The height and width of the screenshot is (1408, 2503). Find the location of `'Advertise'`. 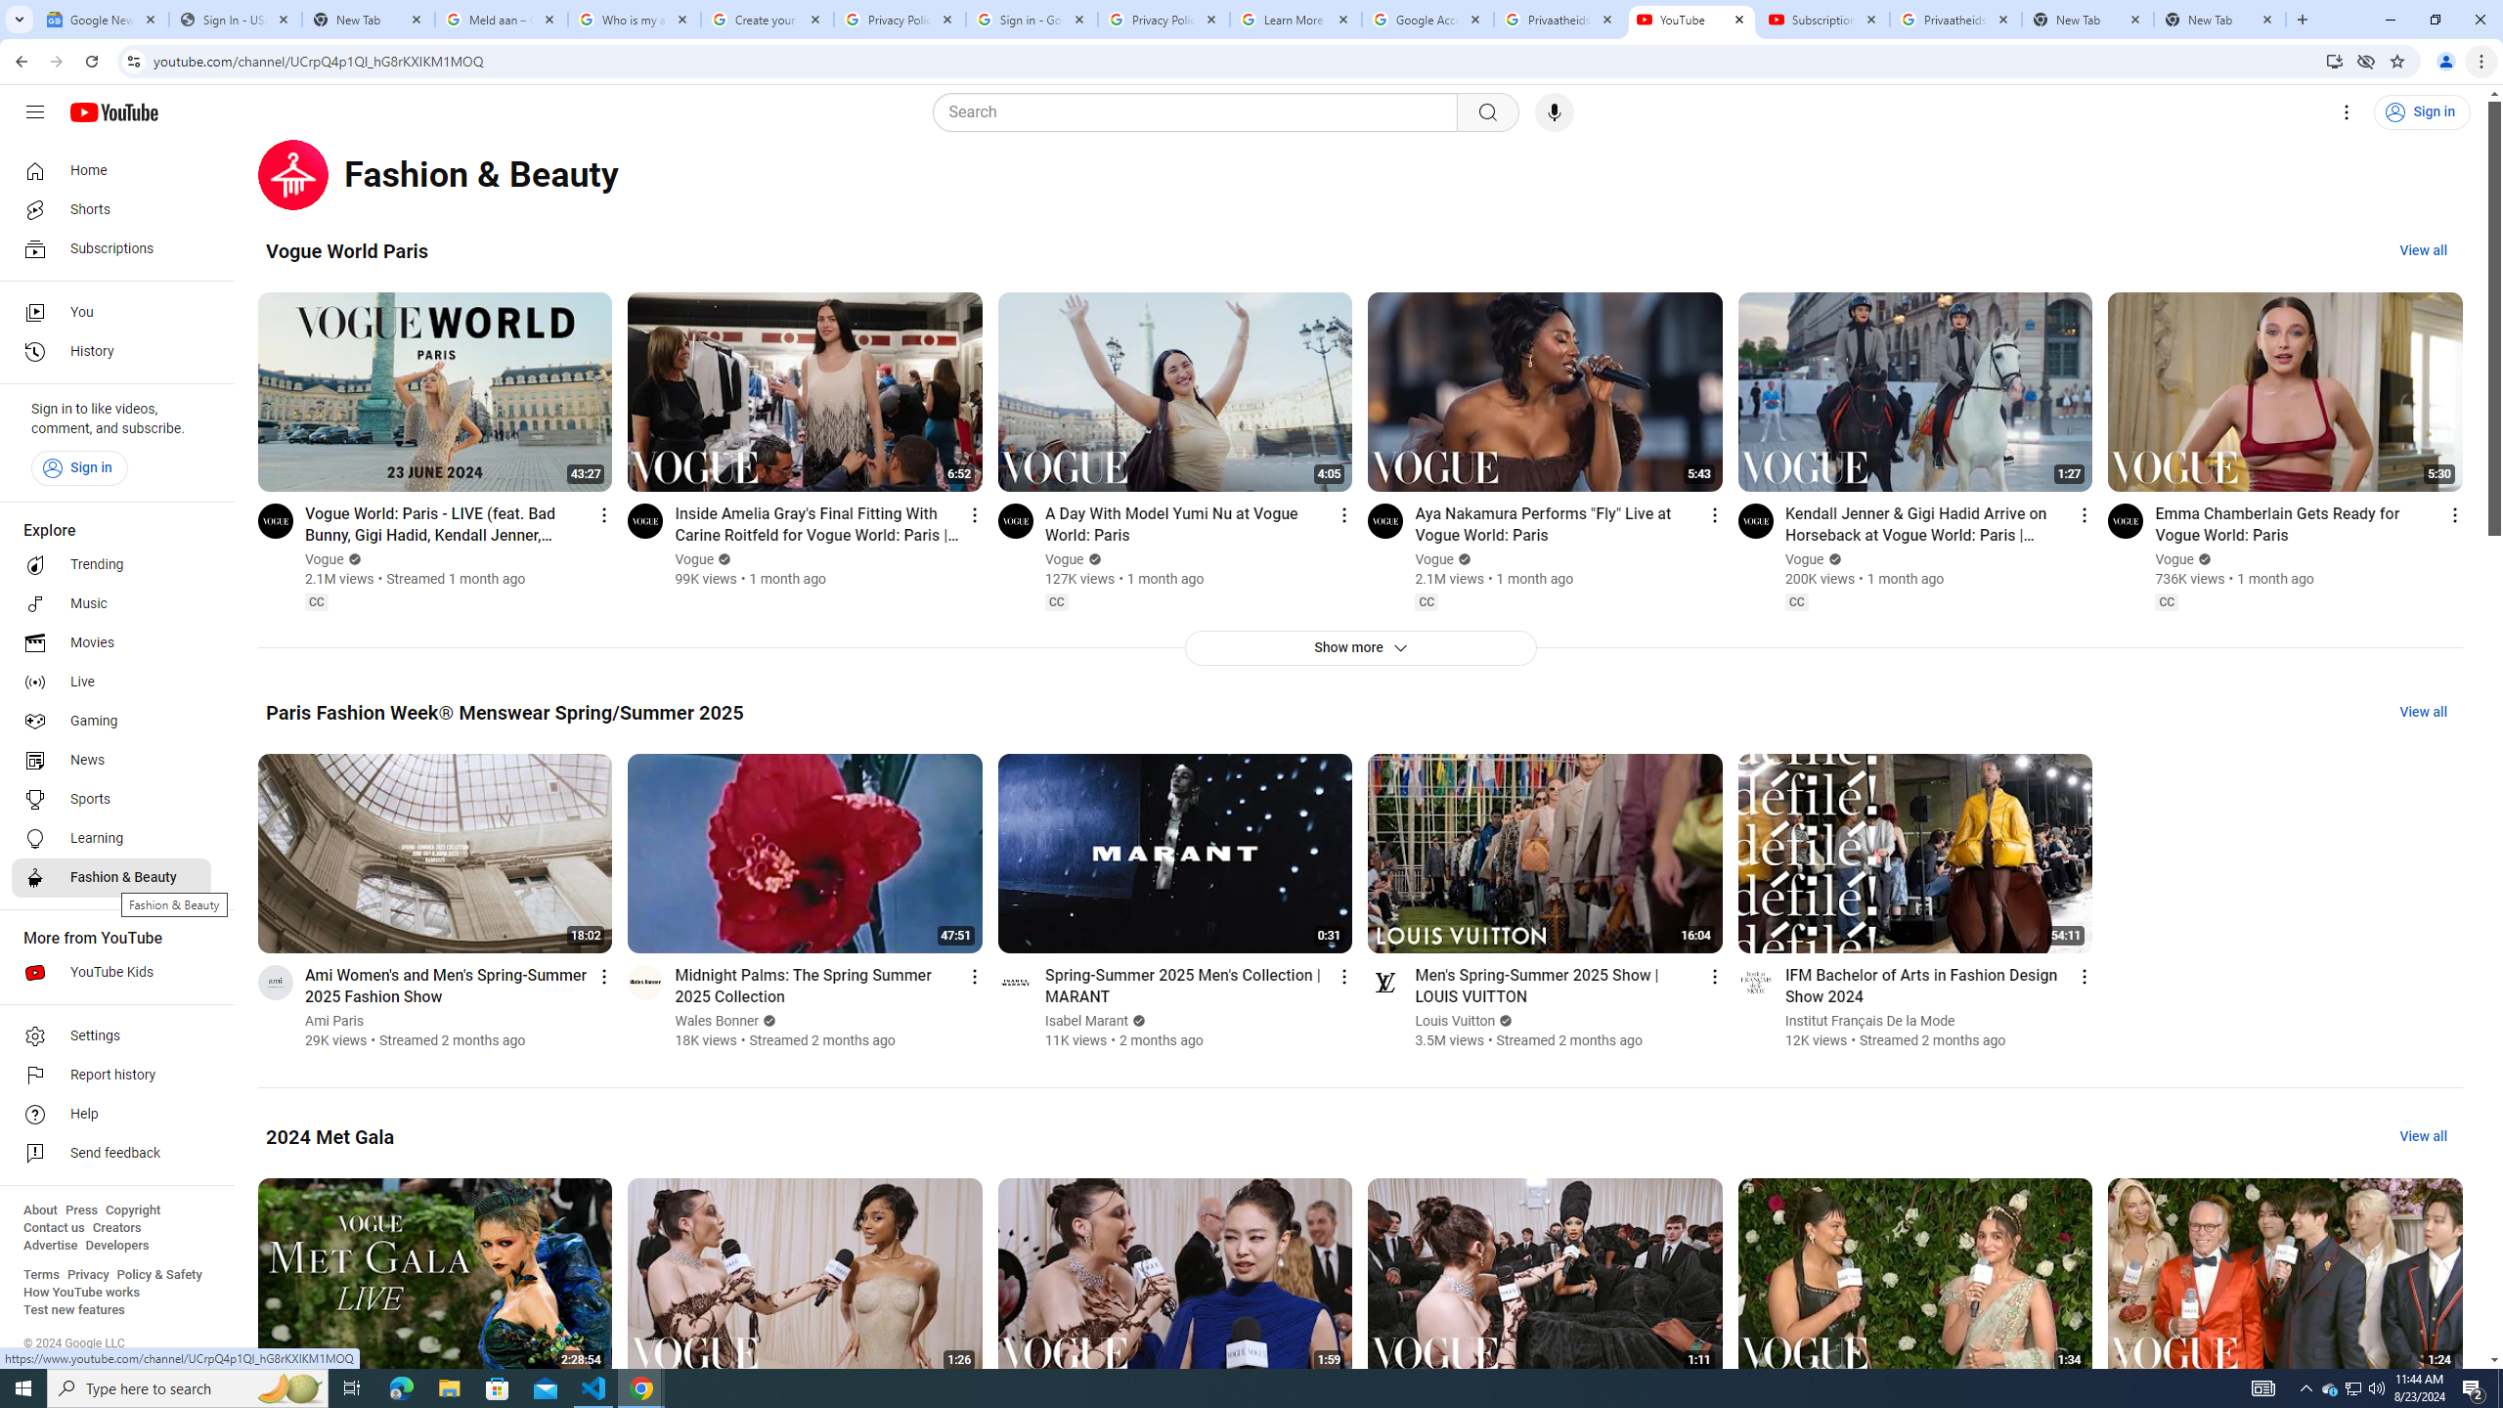

'Advertise' is located at coordinates (49, 1244).